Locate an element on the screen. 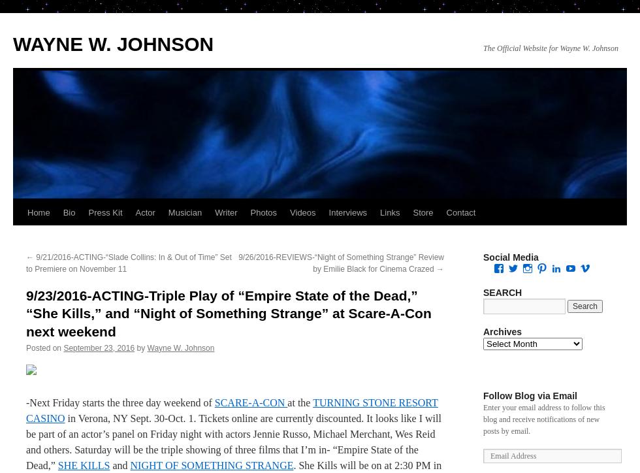  'September 23, 2016' is located at coordinates (99, 346).